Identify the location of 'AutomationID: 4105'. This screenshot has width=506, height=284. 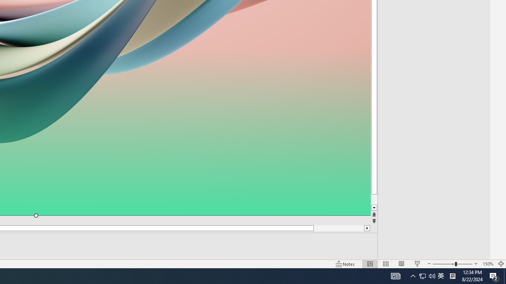
(395, 275).